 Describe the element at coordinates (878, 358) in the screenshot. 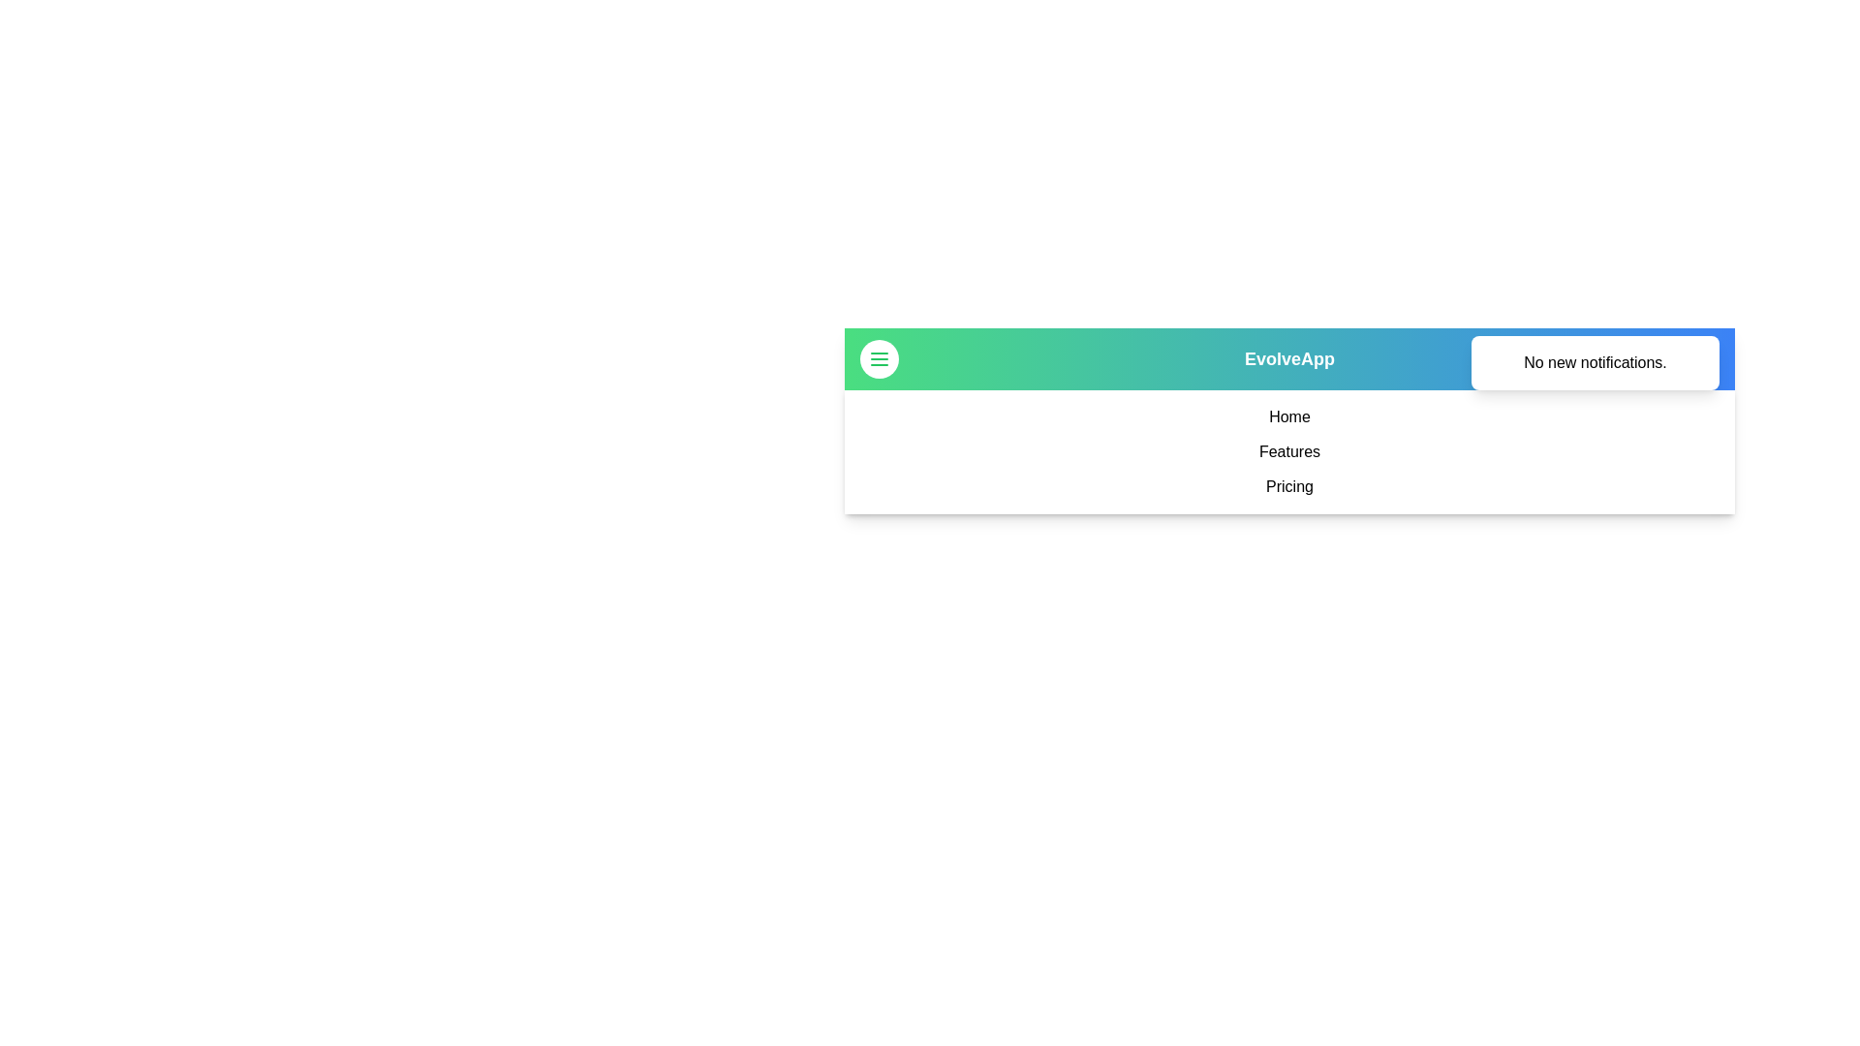

I see `menu toggle button to toggle the menu visibility` at that location.